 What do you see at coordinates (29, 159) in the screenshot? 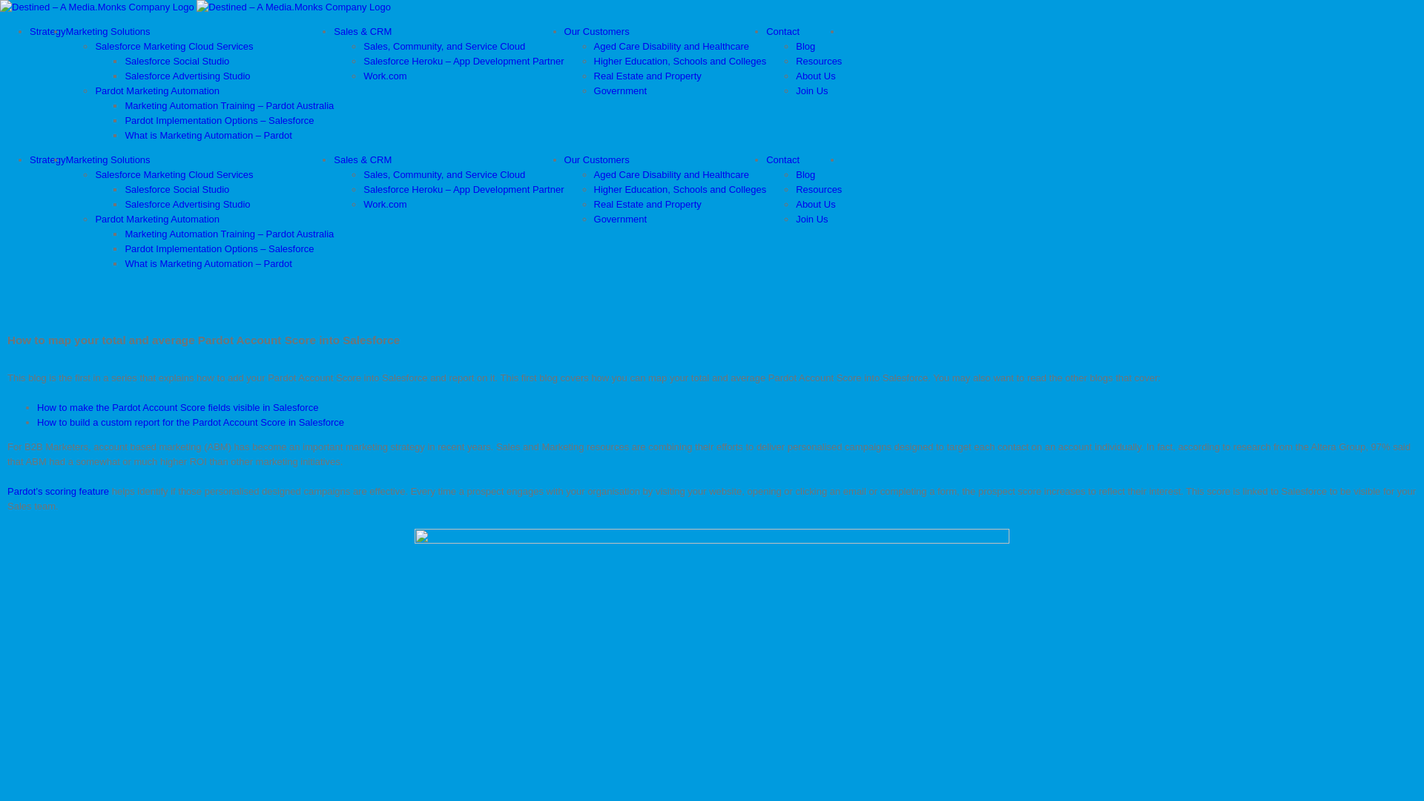
I see `'Strategy'` at bounding box center [29, 159].